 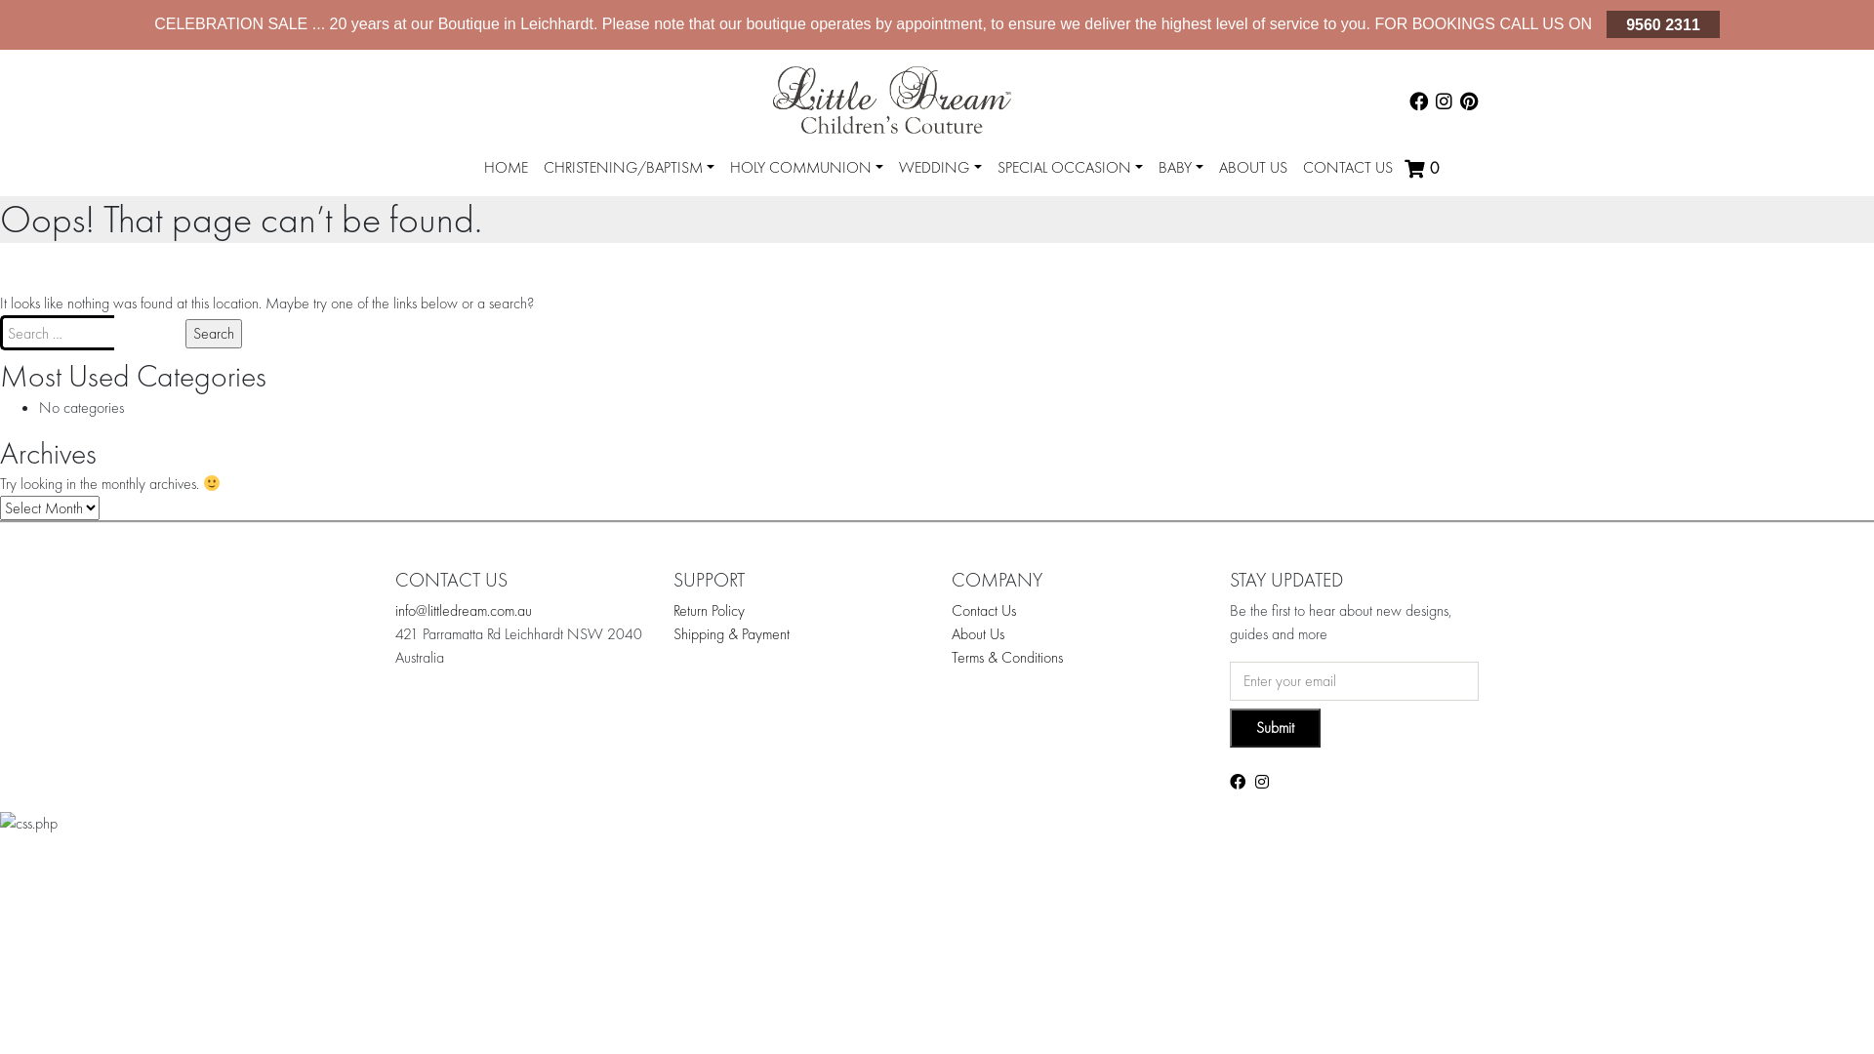 What do you see at coordinates (506, 167) in the screenshot?
I see `'HOME'` at bounding box center [506, 167].